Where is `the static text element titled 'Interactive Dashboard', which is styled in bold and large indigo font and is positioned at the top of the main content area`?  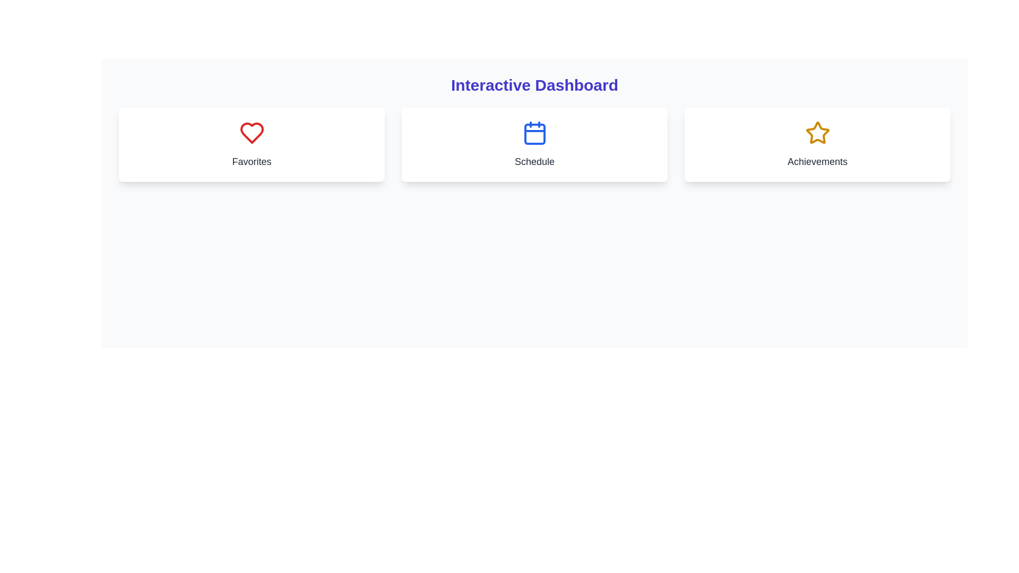
the static text element titled 'Interactive Dashboard', which is styled in bold and large indigo font and is positioned at the top of the main content area is located at coordinates (534, 85).